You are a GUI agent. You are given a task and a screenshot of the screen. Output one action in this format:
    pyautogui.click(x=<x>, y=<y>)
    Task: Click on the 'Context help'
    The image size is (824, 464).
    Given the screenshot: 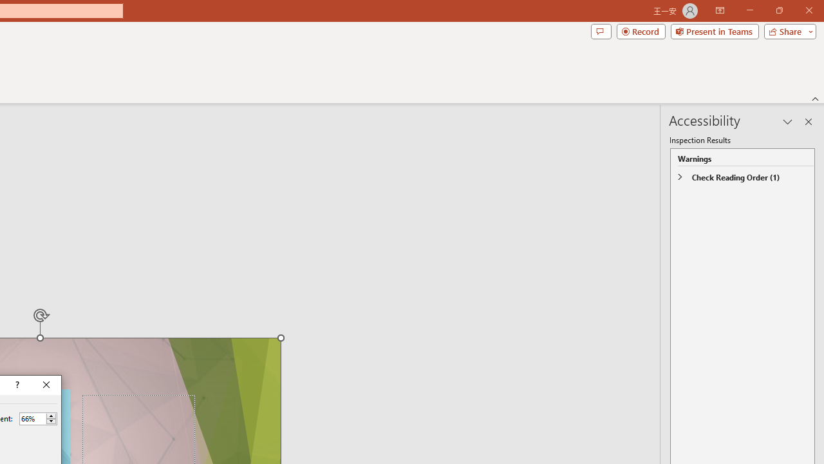 What is the action you would take?
    pyautogui.click(x=16, y=384)
    